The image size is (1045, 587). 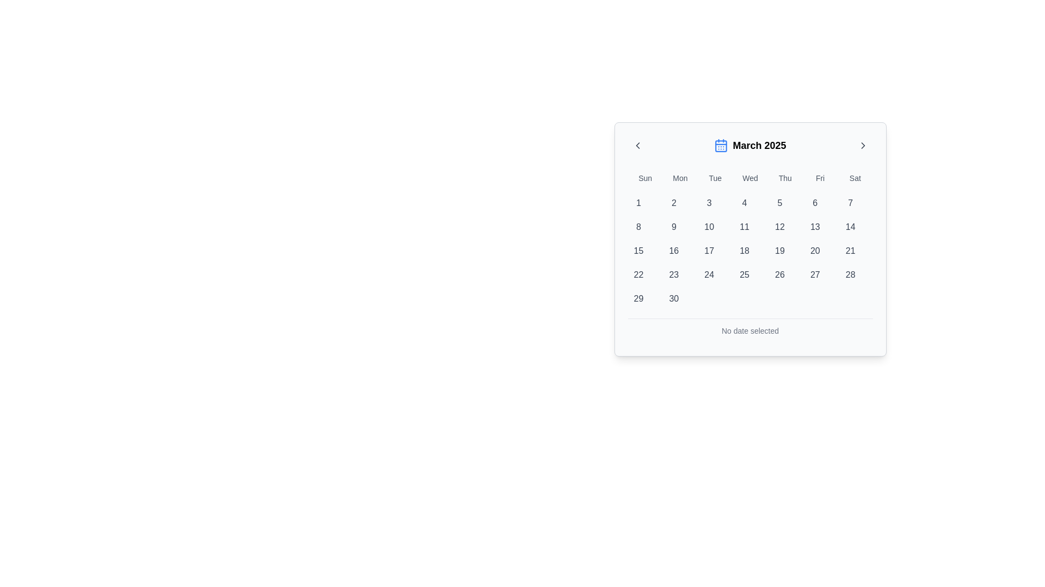 I want to click on the rounded button labeled '15' located in the fifth row under the 'Sun' weekday column, so click(x=638, y=251).